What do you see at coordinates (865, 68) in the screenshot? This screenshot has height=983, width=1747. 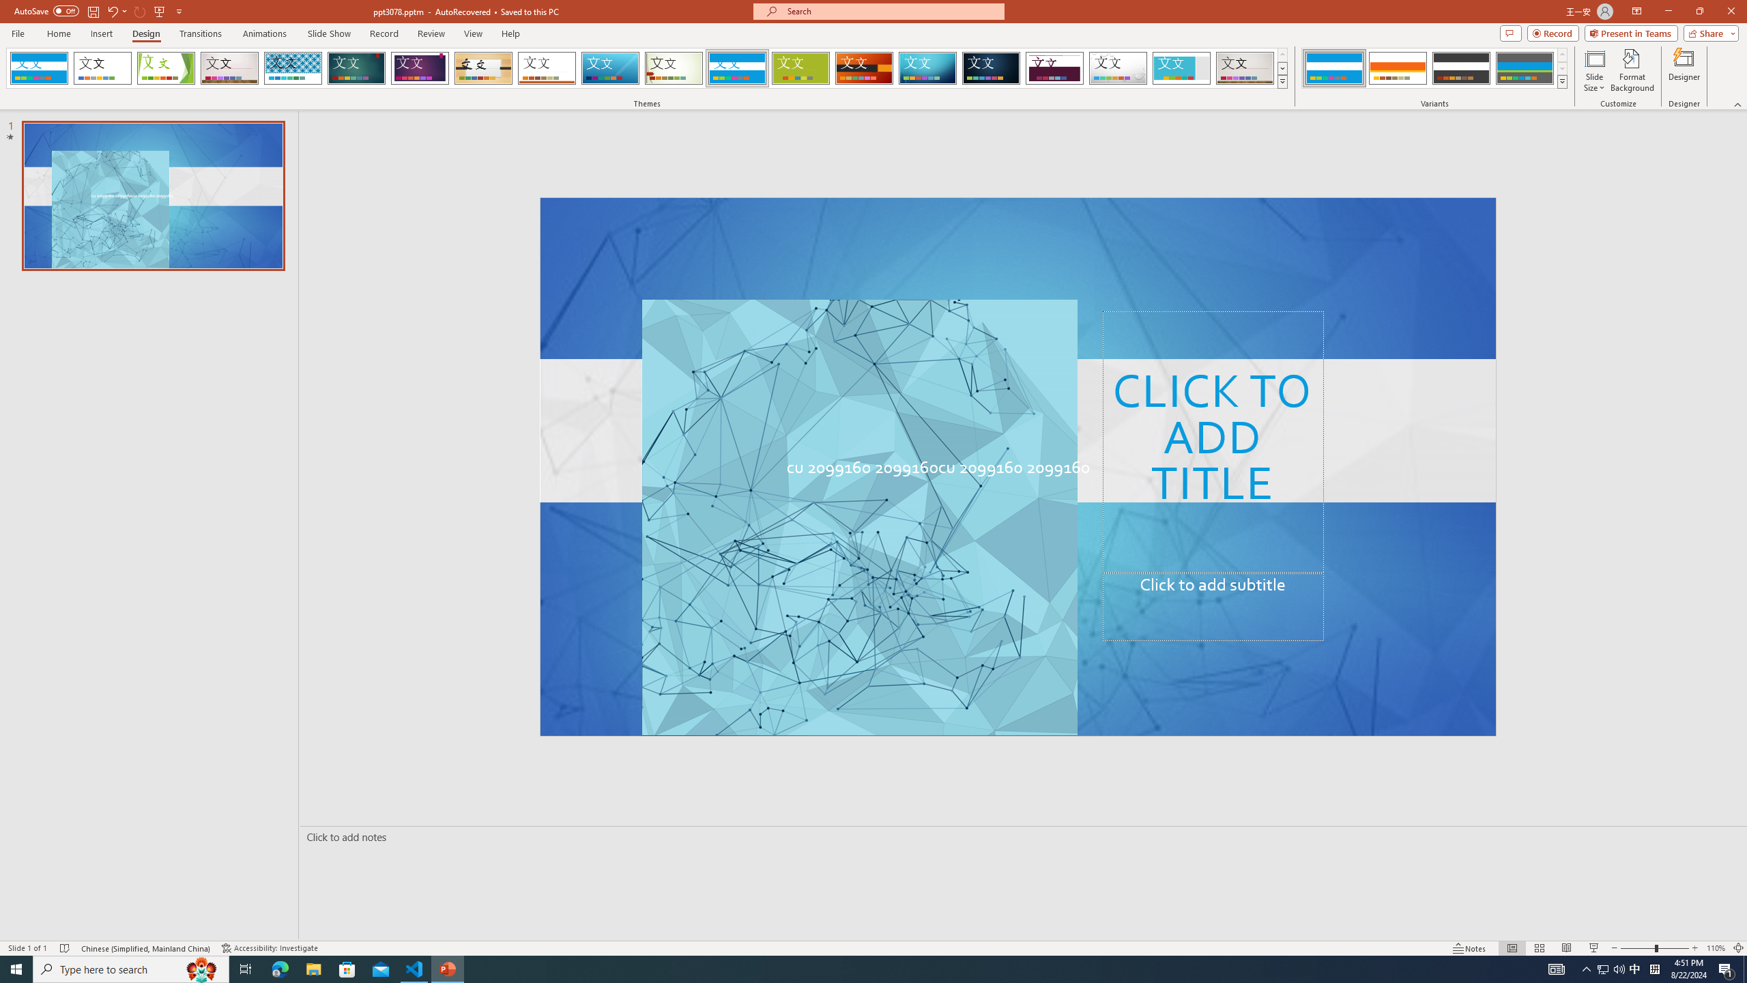 I see `'Berlin'` at bounding box center [865, 68].